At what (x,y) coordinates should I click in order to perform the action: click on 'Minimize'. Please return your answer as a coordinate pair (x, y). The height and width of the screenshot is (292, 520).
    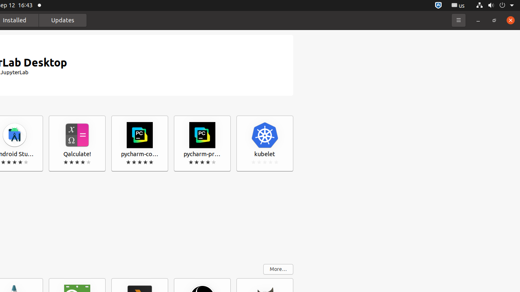
    Looking at the image, I should click on (478, 19).